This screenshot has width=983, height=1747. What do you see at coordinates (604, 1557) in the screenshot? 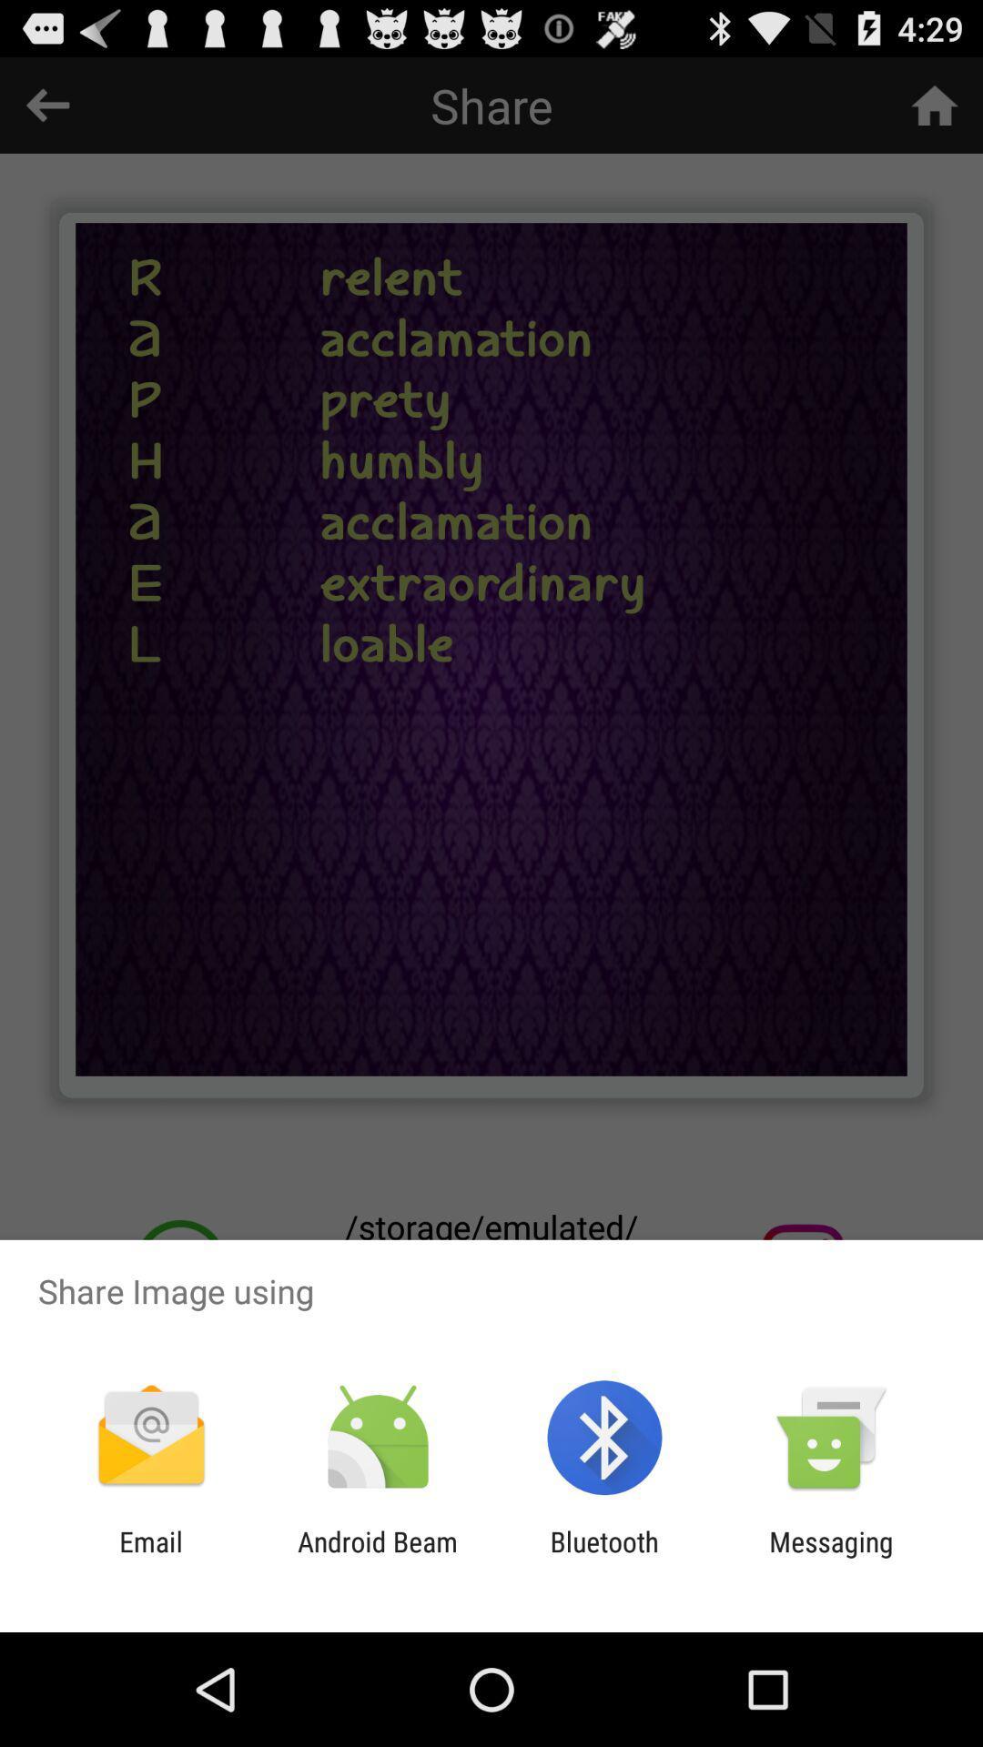
I see `icon next to the android beam app` at bounding box center [604, 1557].